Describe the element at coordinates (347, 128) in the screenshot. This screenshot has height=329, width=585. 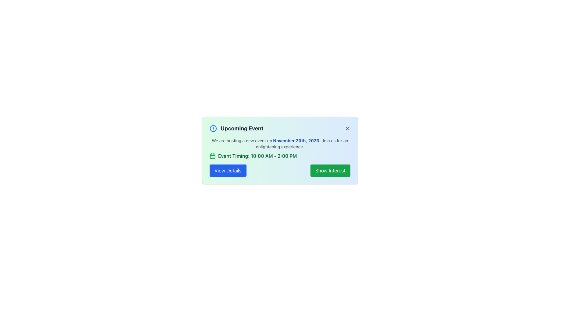
I see `the close icon button located in the top-right corner of the event information card` at that location.